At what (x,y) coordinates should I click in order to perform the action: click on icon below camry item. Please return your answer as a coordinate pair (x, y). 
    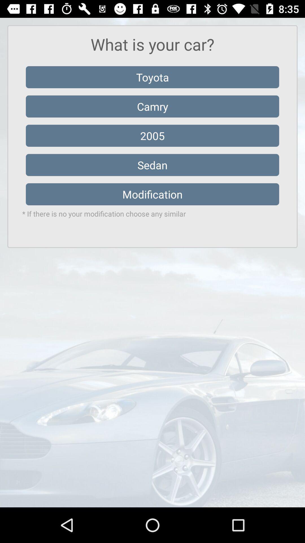
    Looking at the image, I should click on (152, 136).